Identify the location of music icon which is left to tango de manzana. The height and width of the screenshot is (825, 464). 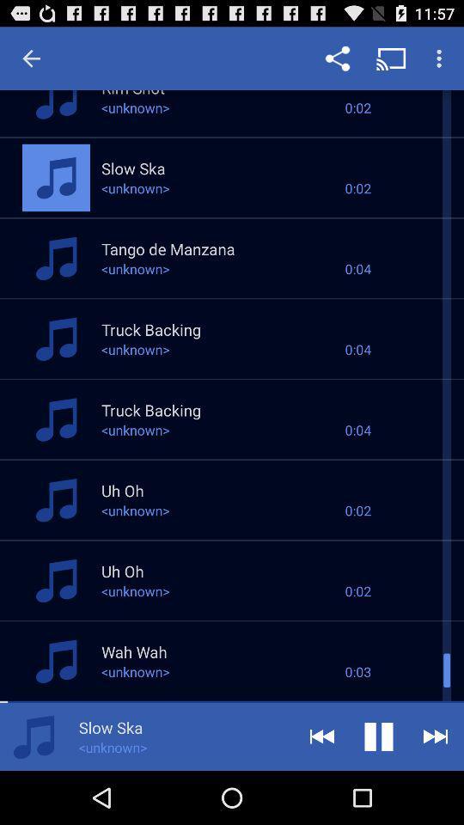
(56, 257).